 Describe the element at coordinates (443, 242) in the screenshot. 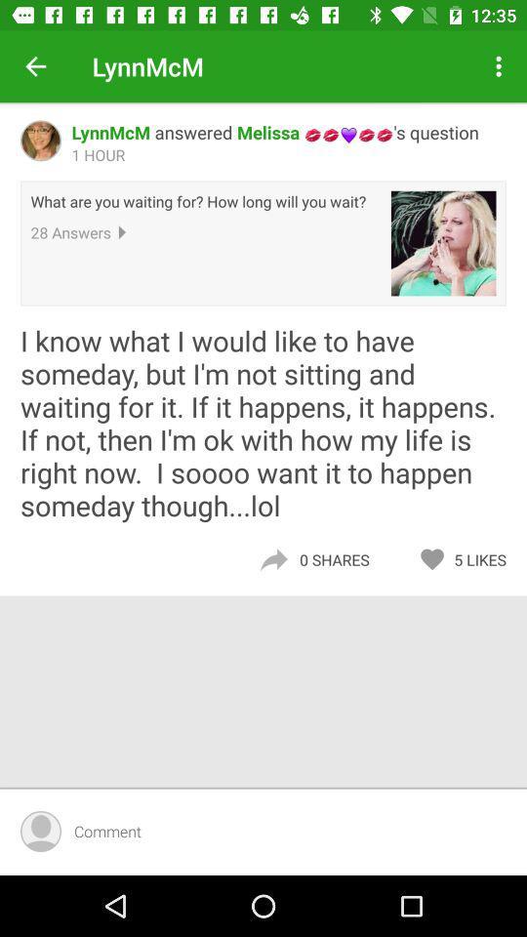

I see `the item below the lynnmcm answered melissa` at that location.